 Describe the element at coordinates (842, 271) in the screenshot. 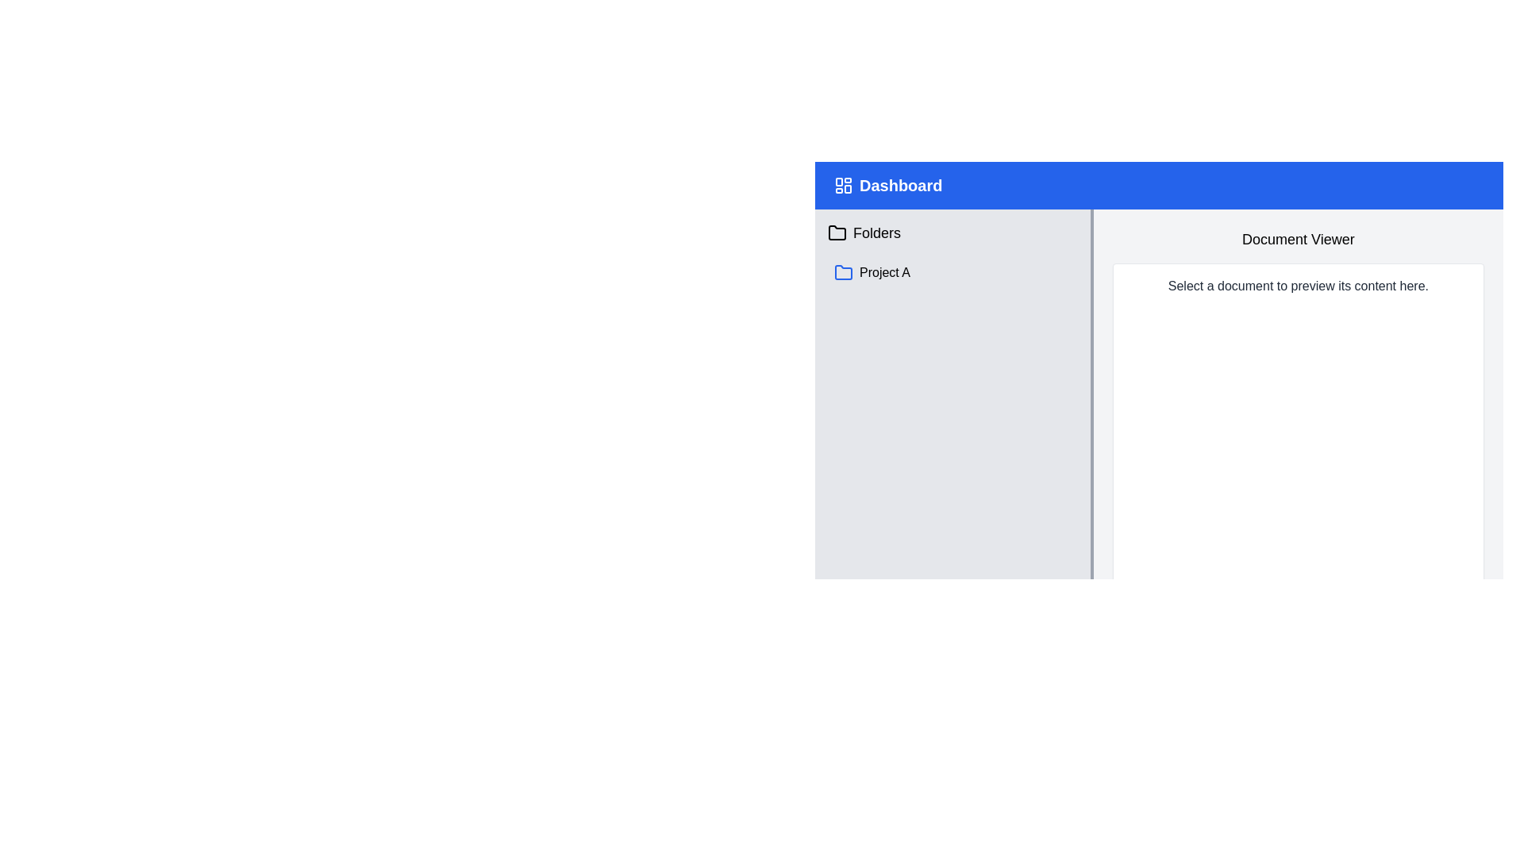

I see `the folder icon associated with 'Project A' in the 'Folders' section of the Dashboard interface` at that location.